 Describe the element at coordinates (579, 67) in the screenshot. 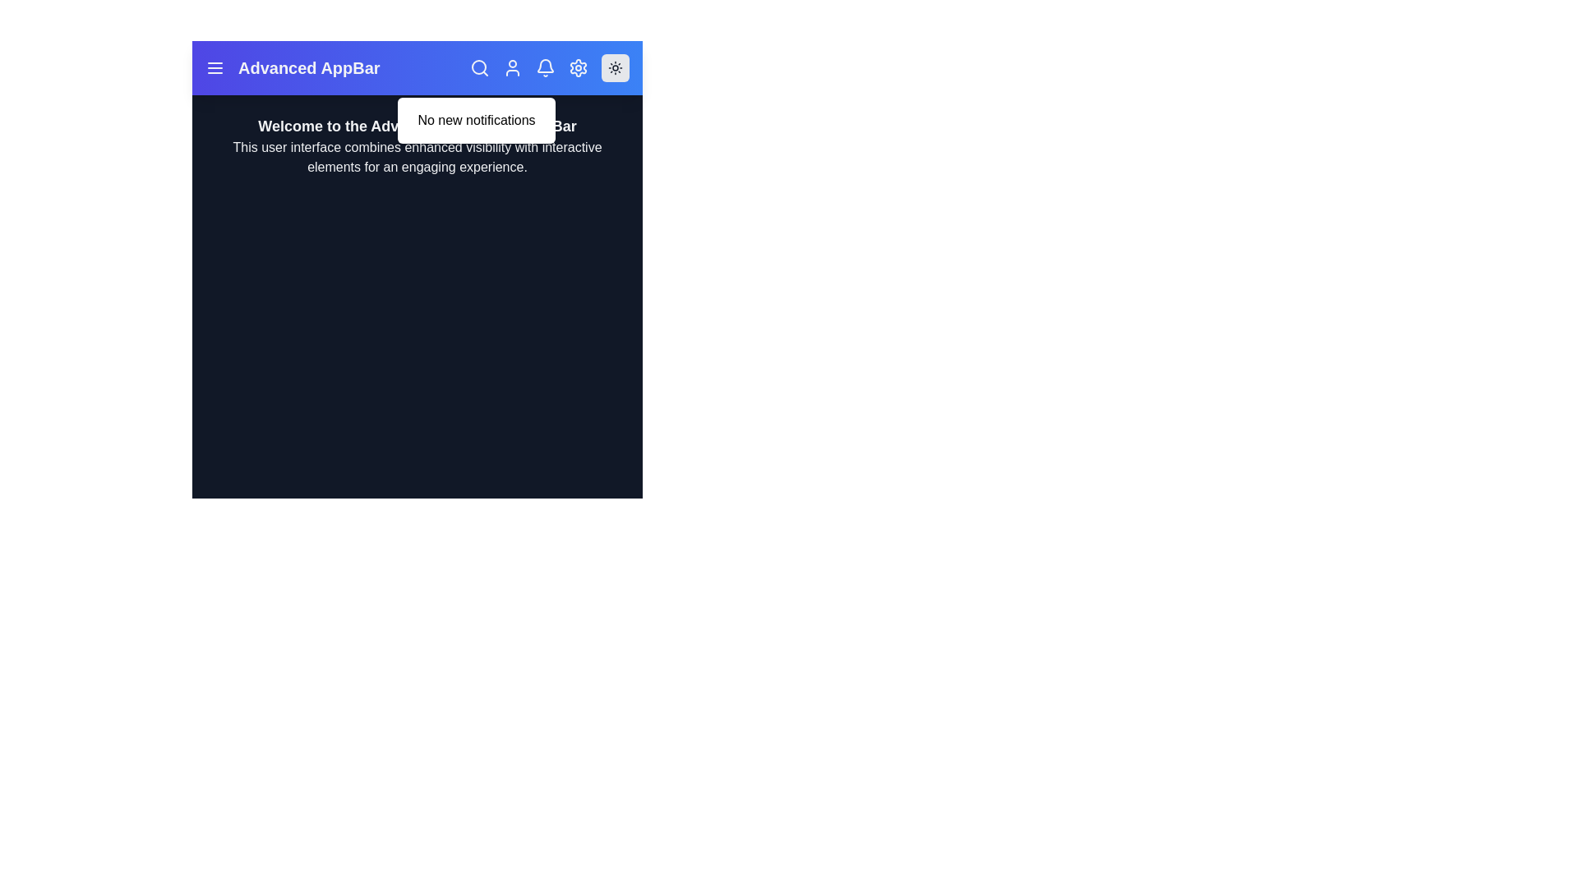

I see `the settings icon in the app bar` at that location.